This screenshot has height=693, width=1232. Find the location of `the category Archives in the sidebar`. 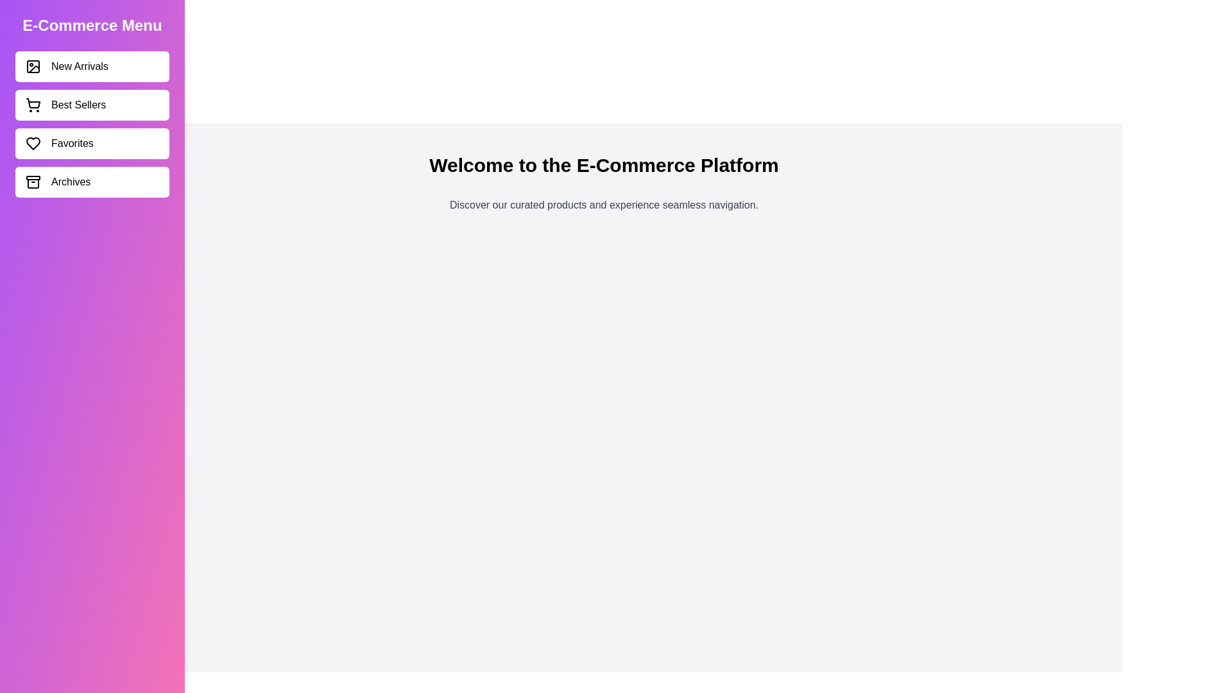

the category Archives in the sidebar is located at coordinates (92, 182).